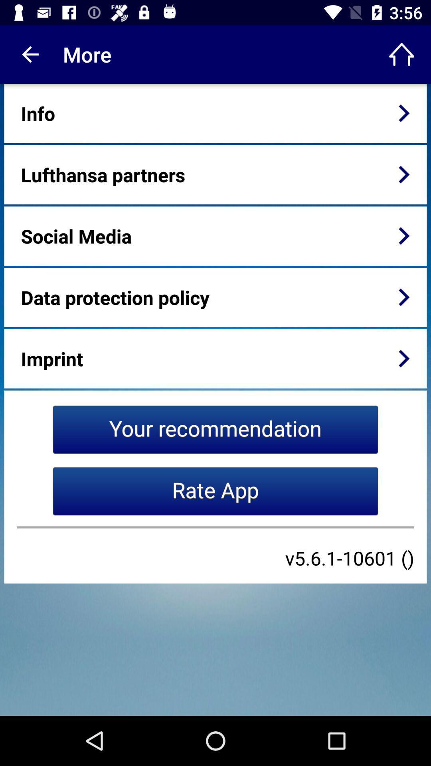 The width and height of the screenshot is (431, 766). I want to click on icon next to lufthansa partners item, so click(404, 174).